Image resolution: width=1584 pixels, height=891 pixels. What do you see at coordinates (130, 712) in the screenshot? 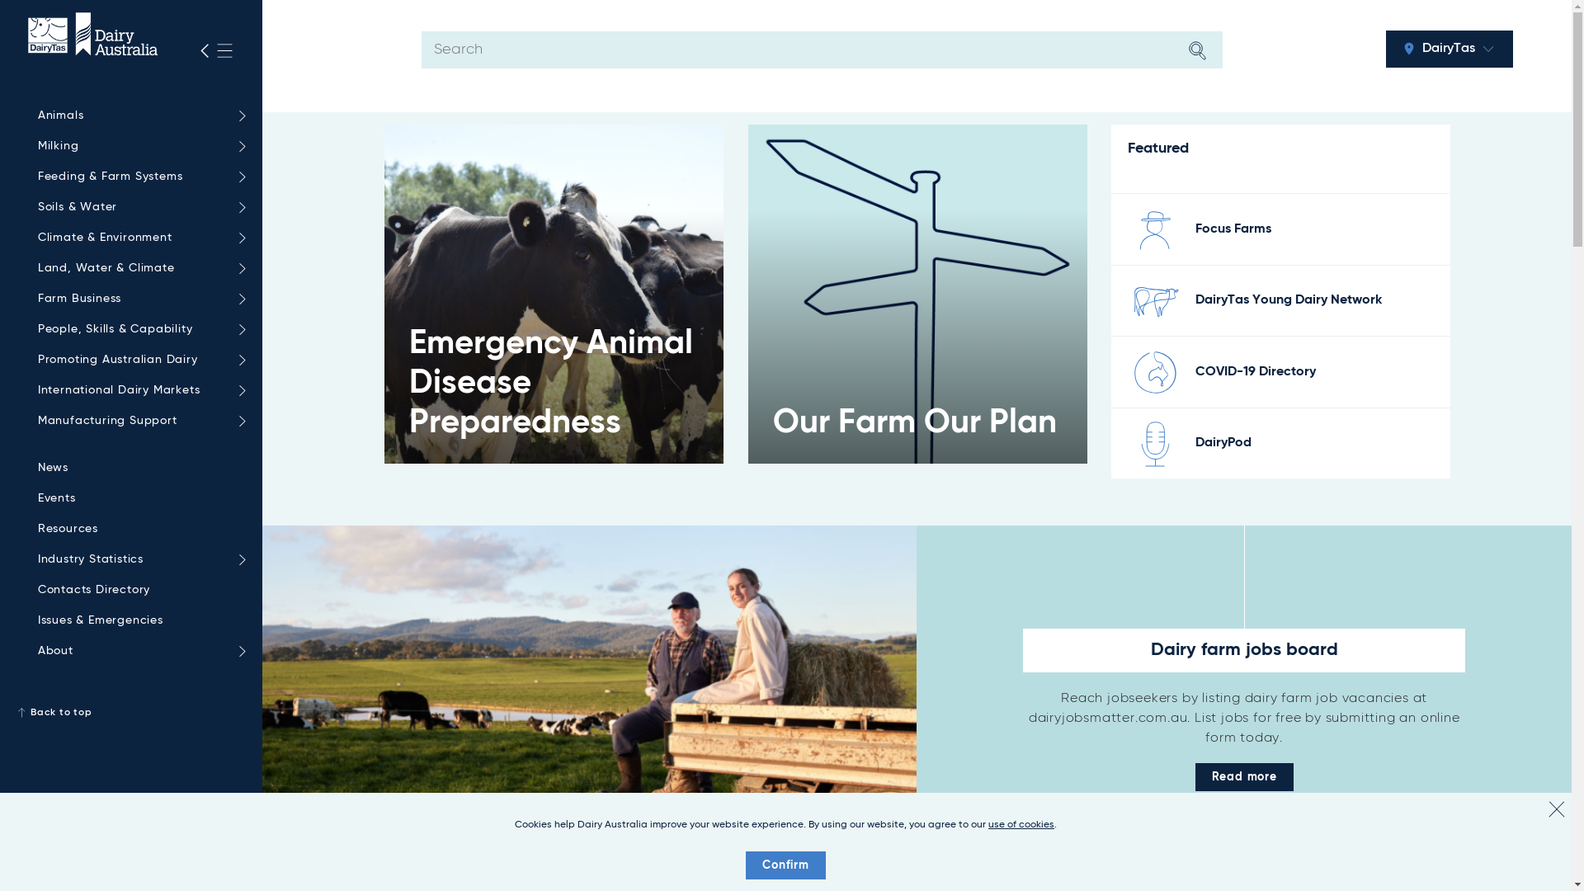
I see `'Back to top'` at bounding box center [130, 712].